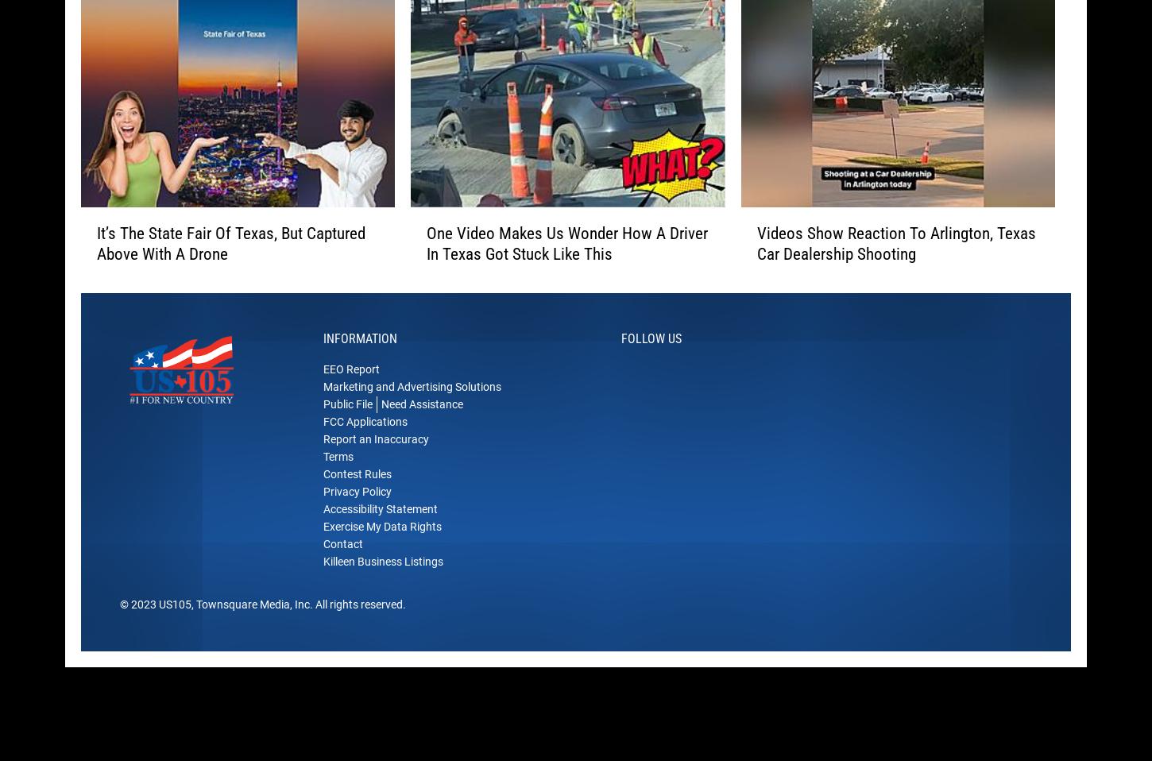  I want to click on 'One Video Makes Us Wonder How A Driver In Texas Got Stuck Like This', so click(566, 267).